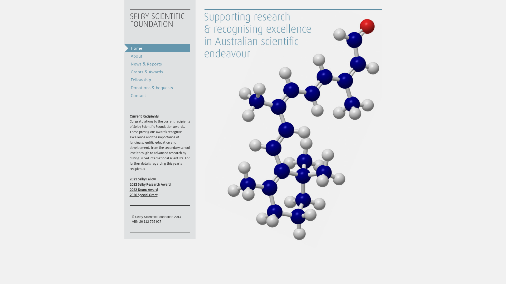 The height and width of the screenshot is (284, 506). What do you see at coordinates (129, 195) in the screenshot?
I see `'2020 Special Grant'` at bounding box center [129, 195].